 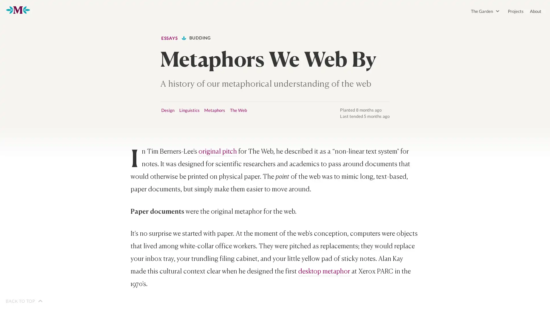 What do you see at coordinates (482, 11) in the screenshot?
I see `The Garden` at bounding box center [482, 11].